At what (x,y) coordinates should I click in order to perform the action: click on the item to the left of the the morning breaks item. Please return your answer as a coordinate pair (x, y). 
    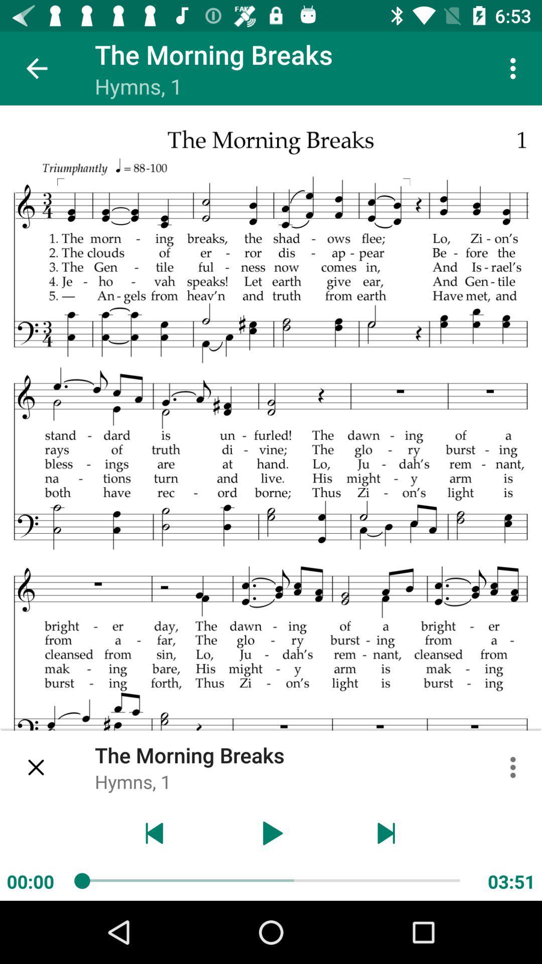
    Looking at the image, I should click on (36, 767).